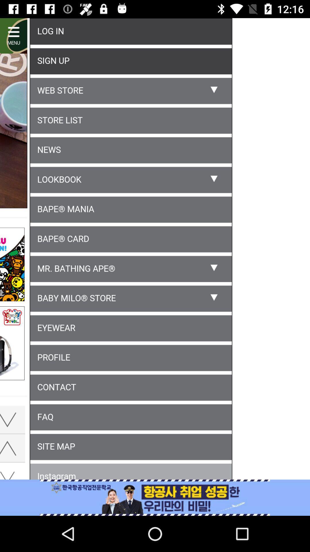 The image size is (310, 552). I want to click on menu page, so click(155, 250).